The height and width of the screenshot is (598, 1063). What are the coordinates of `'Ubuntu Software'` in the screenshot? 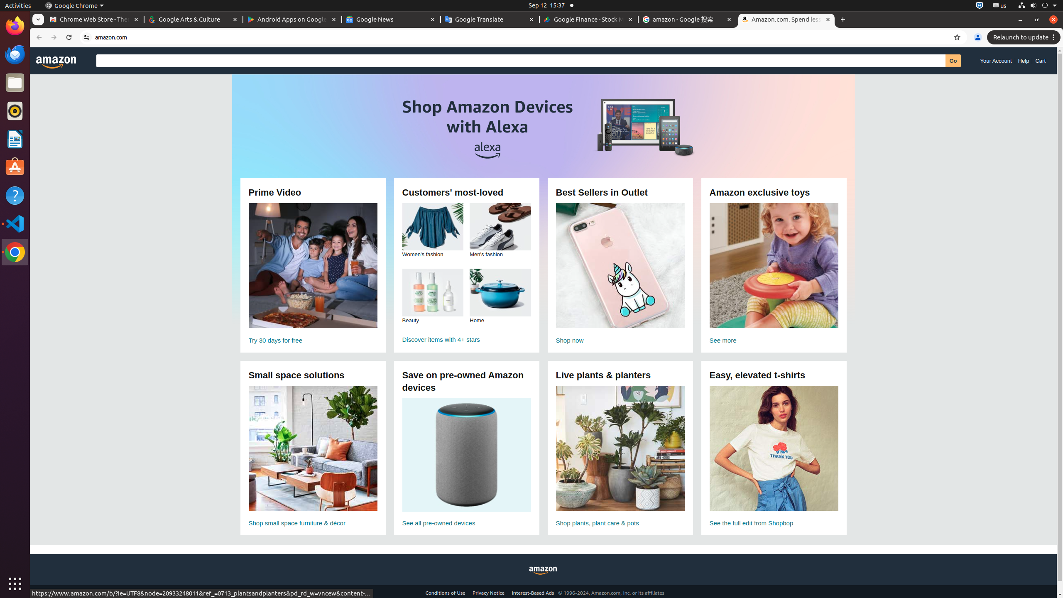 It's located at (15, 167).